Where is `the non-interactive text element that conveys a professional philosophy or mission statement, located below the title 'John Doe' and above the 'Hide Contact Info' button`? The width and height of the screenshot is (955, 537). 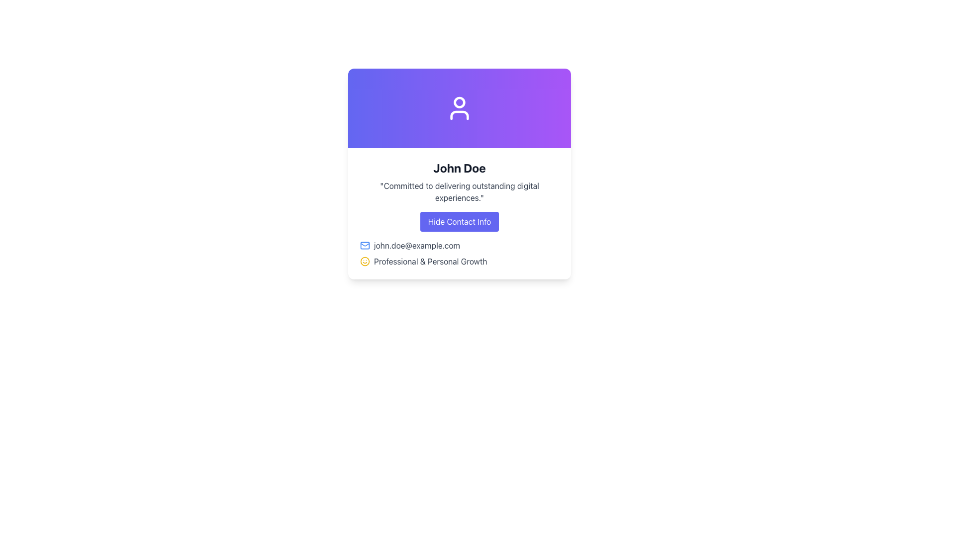 the non-interactive text element that conveys a professional philosophy or mission statement, located below the title 'John Doe' and above the 'Hide Contact Info' button is located at coordinates (459, 191).